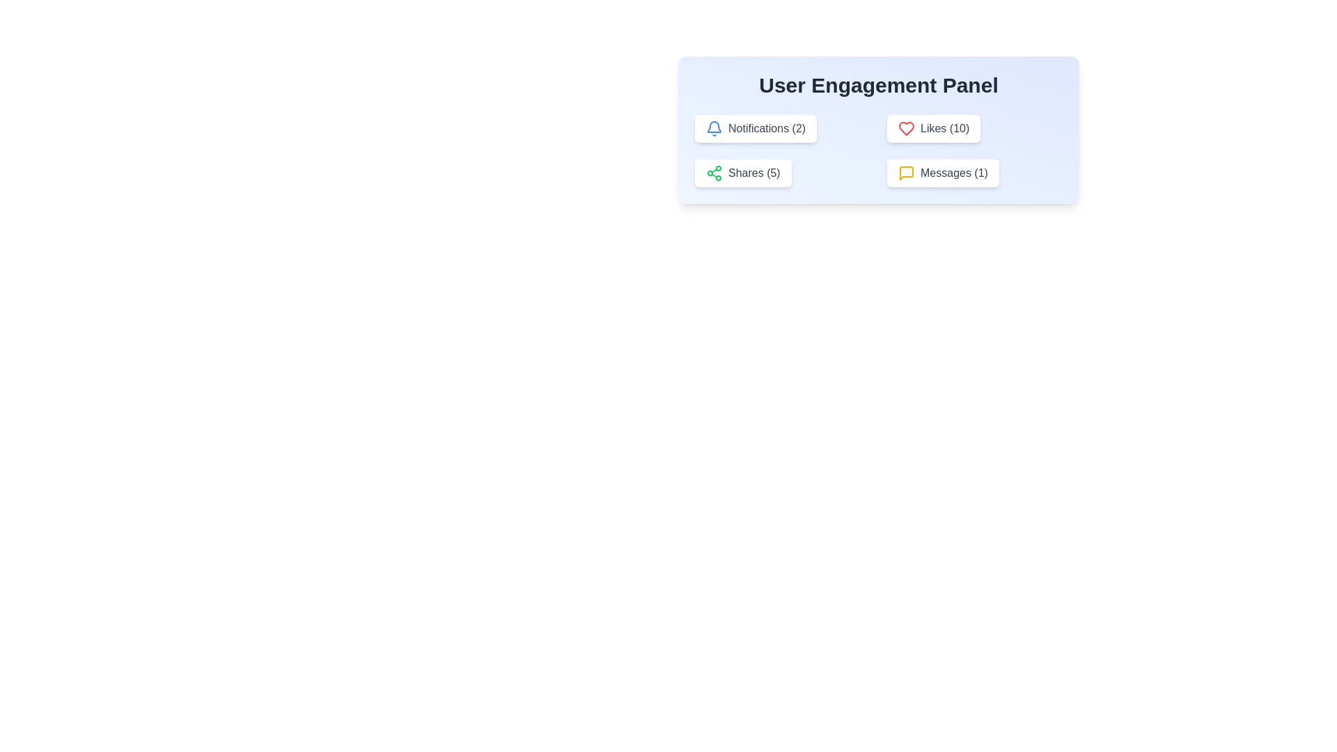 Image resolution: width=1337 pixels, height=752 pixels. I want to click on the SVG Icon that symbolizes the sharing option located in the lower-left card under 'User Engagement Panel', positioned to the left of 'Shares (5)', so click(714, 173).